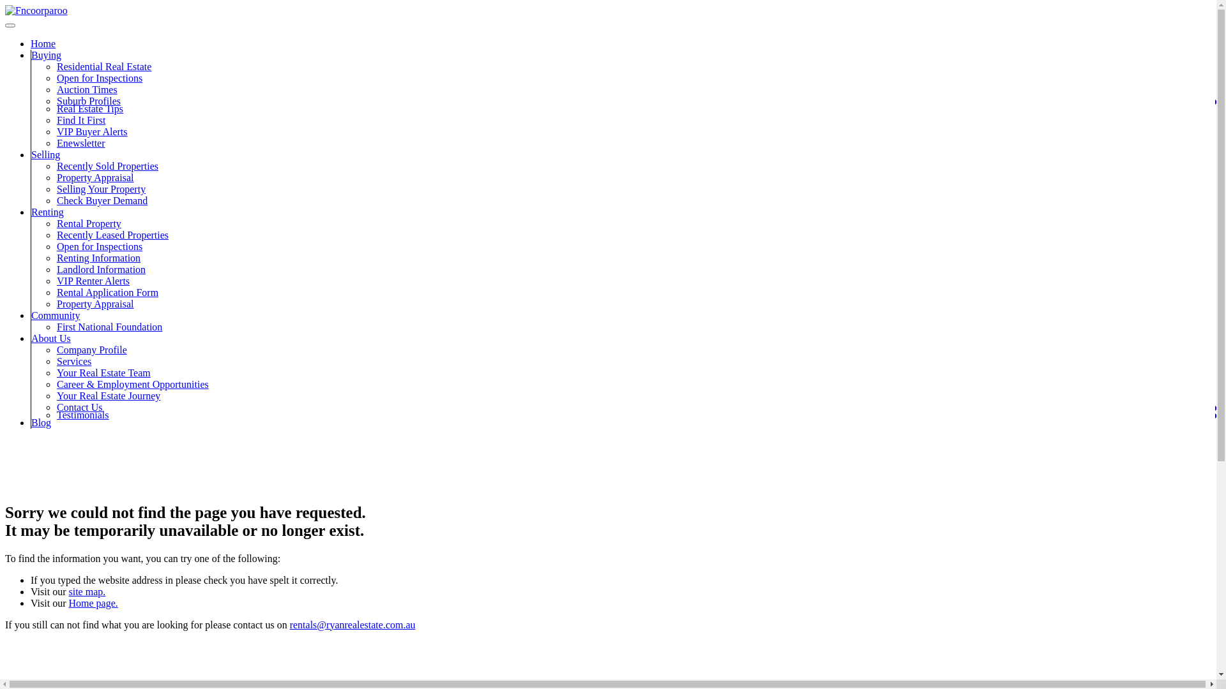  What do you see at coordinates (79, 407) in the screenshot?
I see `'Contact Us'` at bounding box center [79, 407].